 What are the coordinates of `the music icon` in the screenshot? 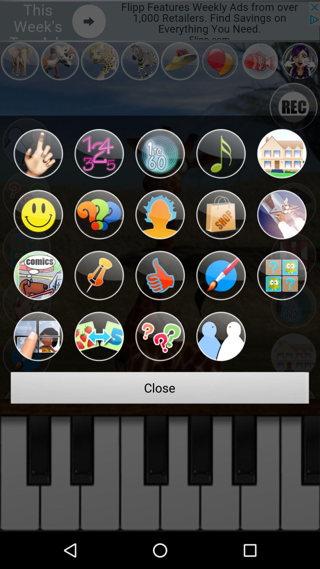 It's located at (221, 164).